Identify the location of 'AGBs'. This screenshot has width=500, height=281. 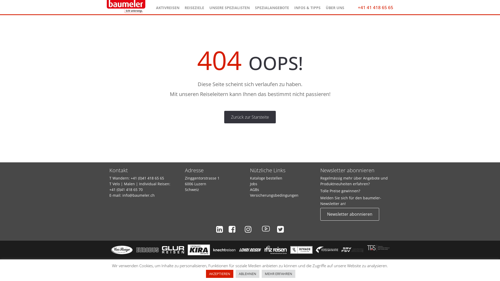
(254, 189).